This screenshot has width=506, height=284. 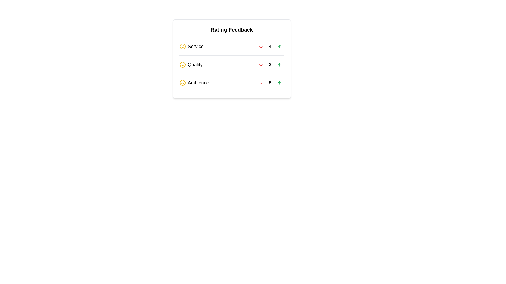 What do you see at coordinates (232, 83) in the screenshot?
I see `the Rating Input Component for 'Ambience', which includes a yellow smiley icon, bold label 'Ambience', red downward arrow, bold number '5', and green upward arrow, located in the bottom row of a vertical list of three rows` at bounding box center [232, 83].